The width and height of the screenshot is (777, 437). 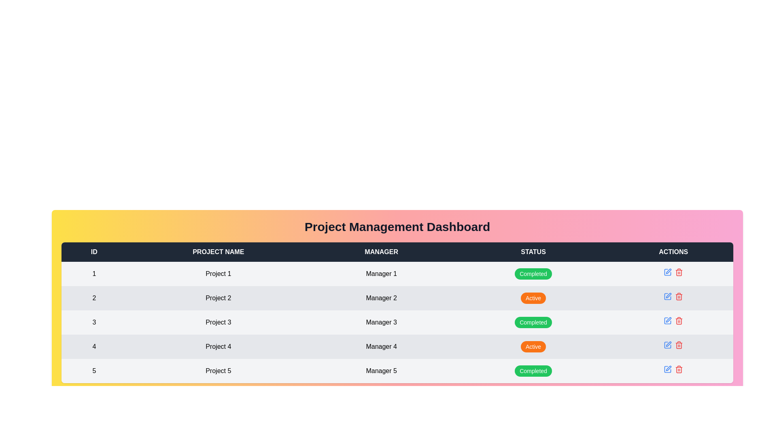 What do you see at coordinates (668, 320) in the screenshot?
I see `the edit button located in the 'ACTIONS' column, specifically in the fourth row of the table` at bounding box center [668, 320].